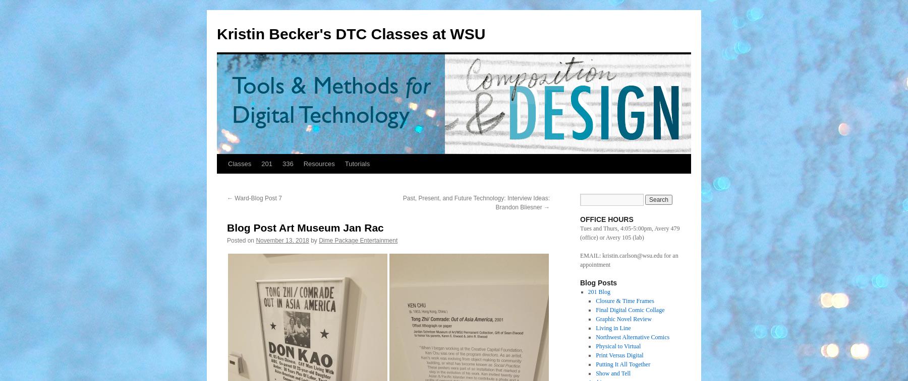 The width and height of the screenshot is (908, 381). What do you see at coordinates (580, 233) in the screenshot?
I see `'Tues and Thurs, 4:05-5:00pm, Avery 479 (office) or Avery 105 (lab)'` at bounding box center [580, 233].